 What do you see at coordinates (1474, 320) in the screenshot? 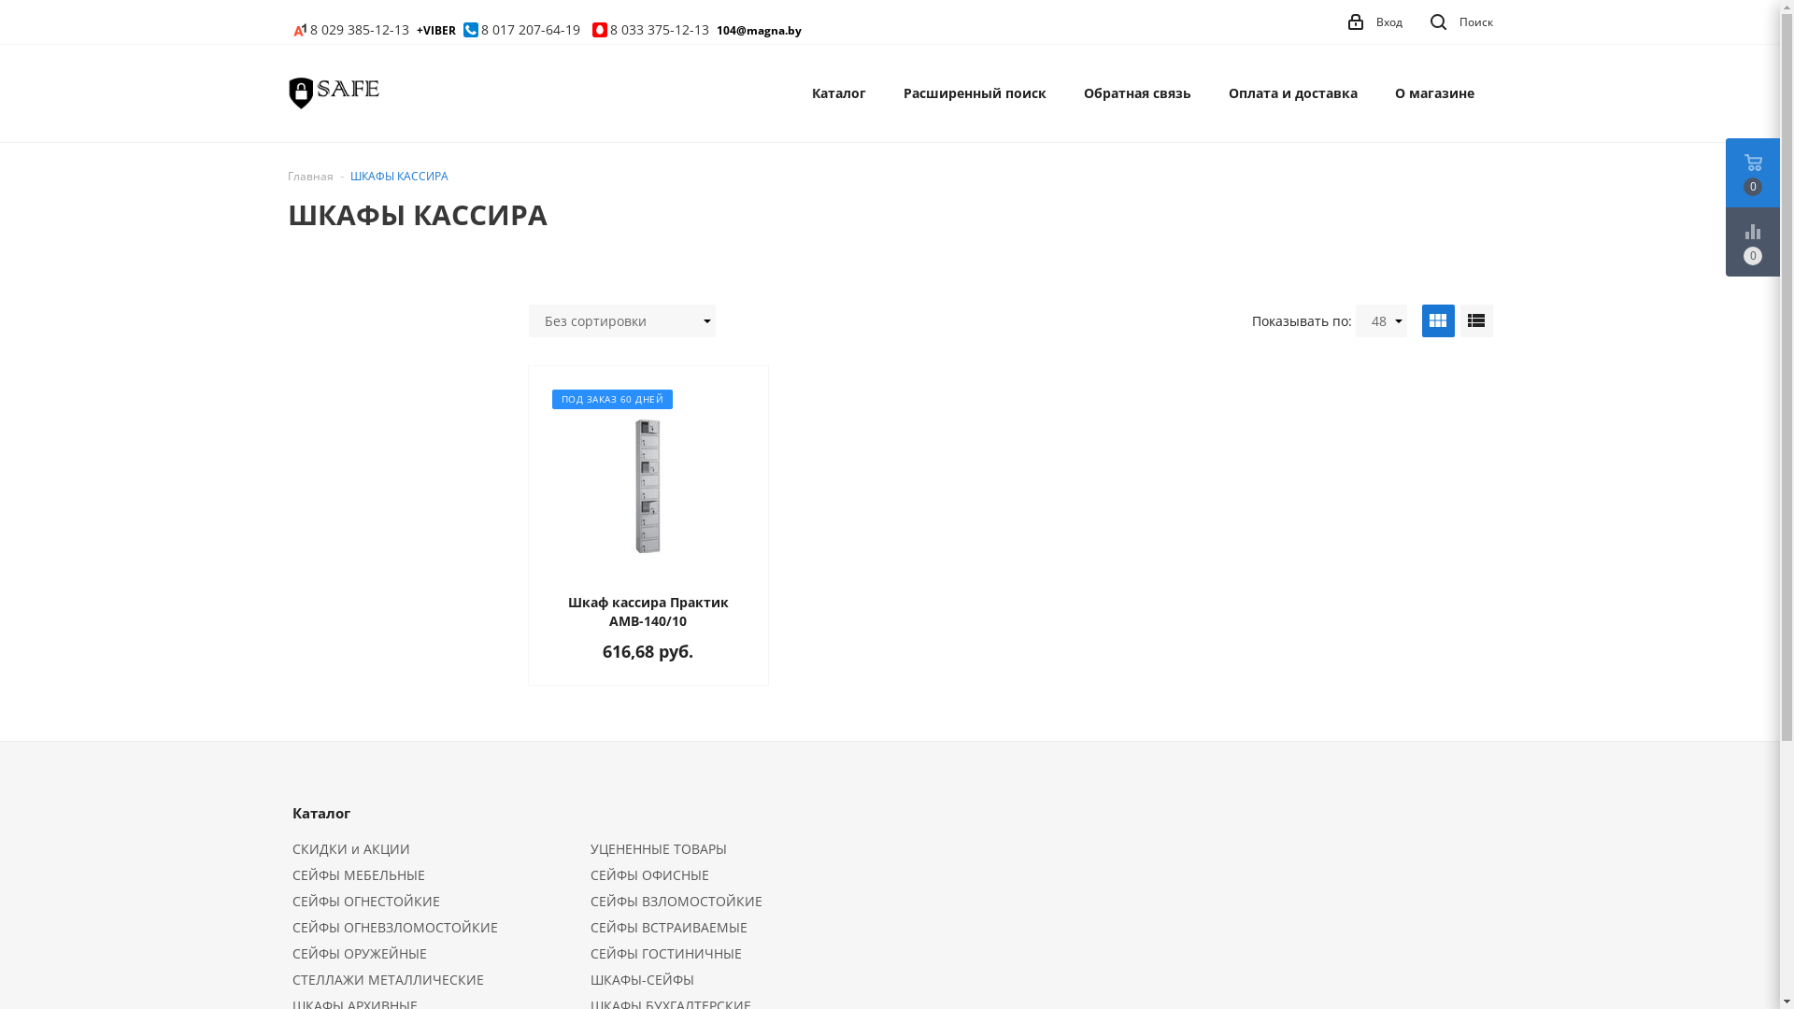
I see `'view_list'` at bounding box center [1474, 320].